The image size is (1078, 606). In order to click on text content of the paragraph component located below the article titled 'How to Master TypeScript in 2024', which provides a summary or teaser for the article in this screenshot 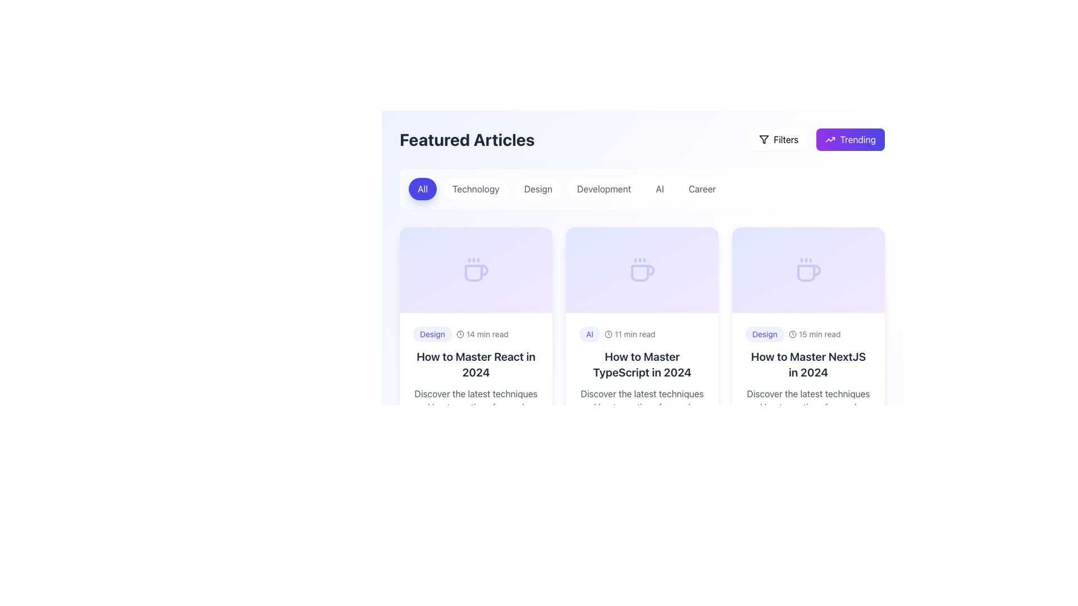, I will do `click(642, 400)`.